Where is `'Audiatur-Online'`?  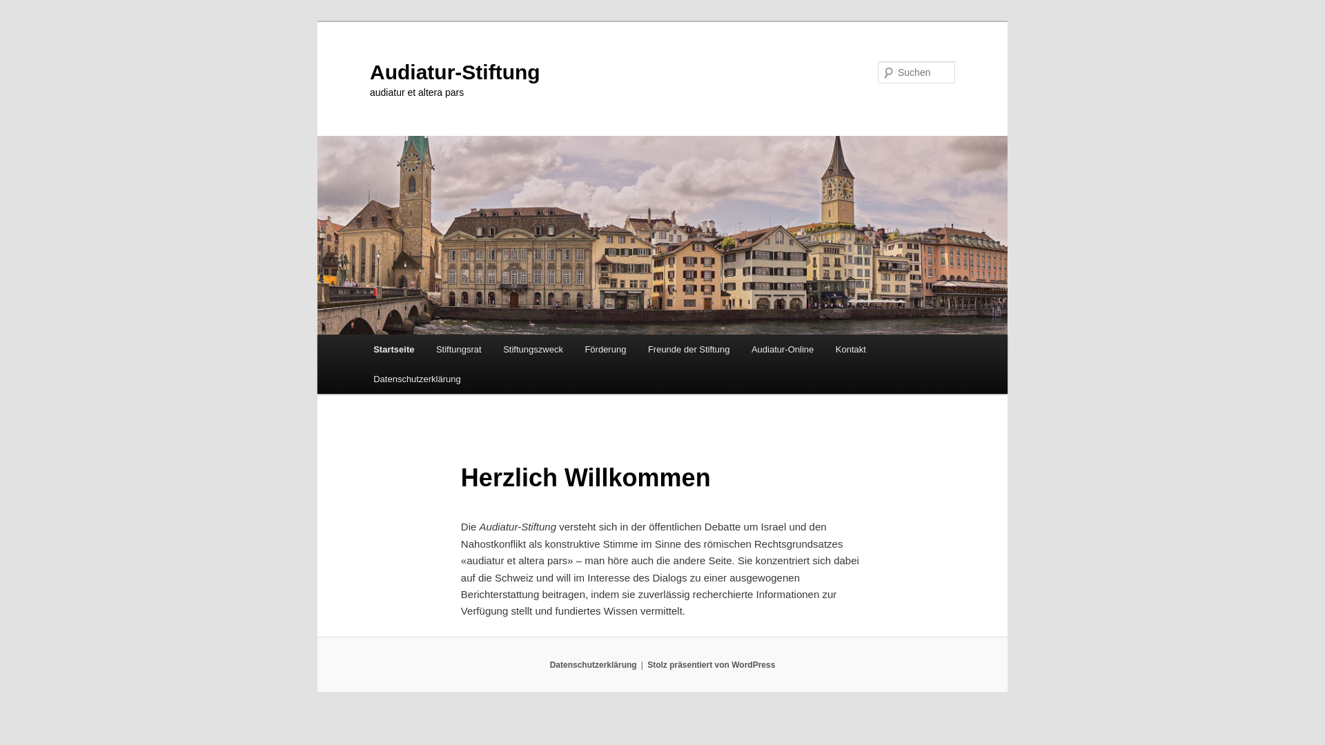
'Audiatur-Online' is located at coordinates (782, 348).